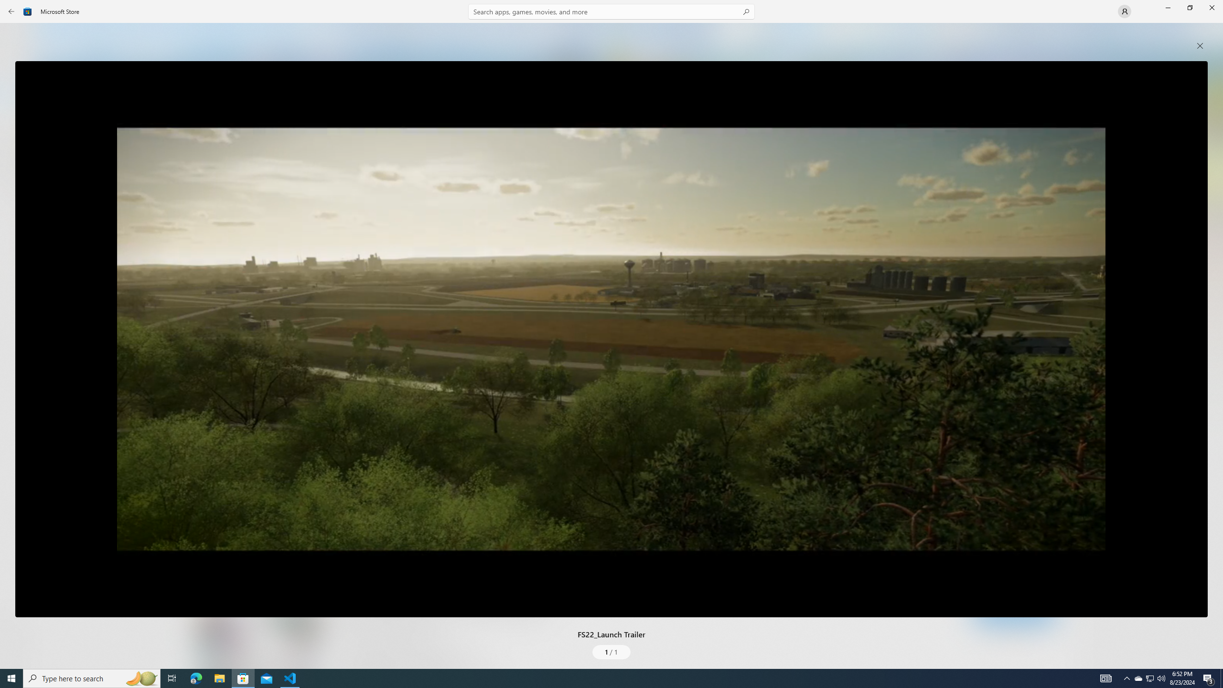 Image resolution: width=1223 pixels, height=688 pixels. I want to click on 'Back', so click(11, 11).